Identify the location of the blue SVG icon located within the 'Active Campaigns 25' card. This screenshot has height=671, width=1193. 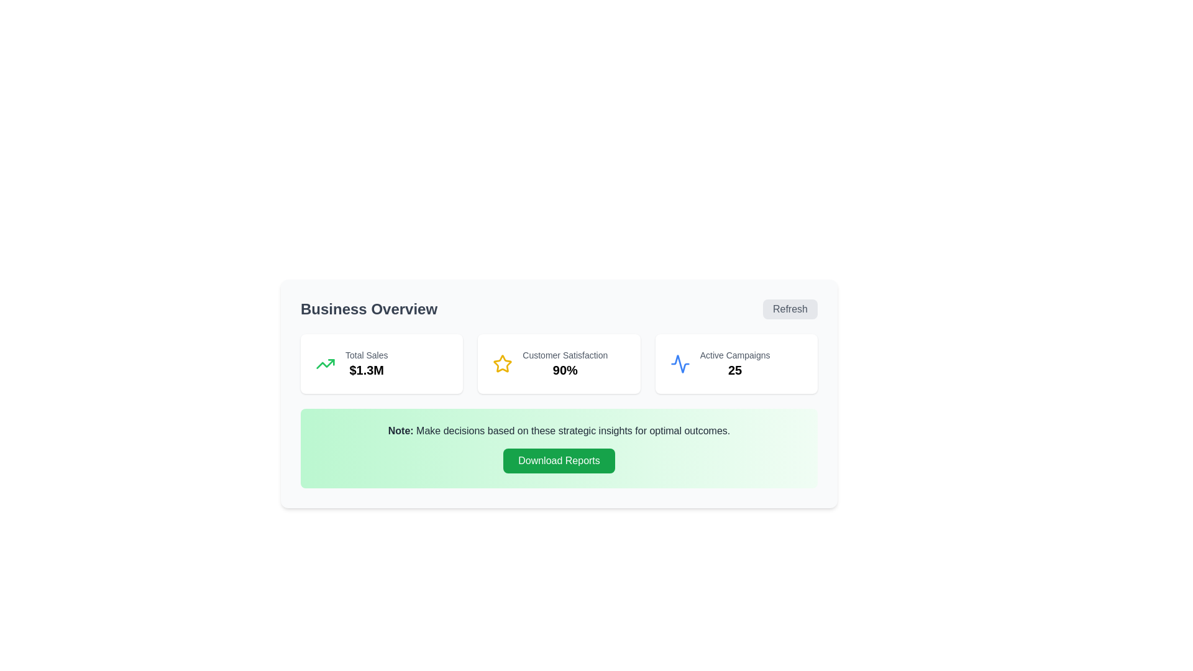
(679, 363).